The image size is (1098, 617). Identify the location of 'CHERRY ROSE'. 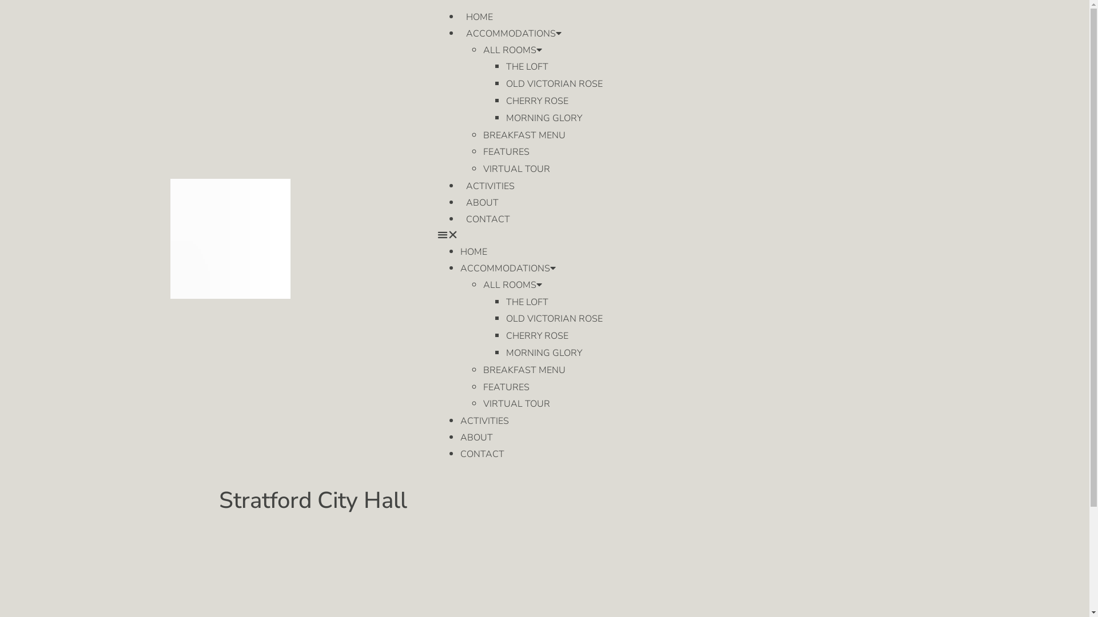
(505, 101).